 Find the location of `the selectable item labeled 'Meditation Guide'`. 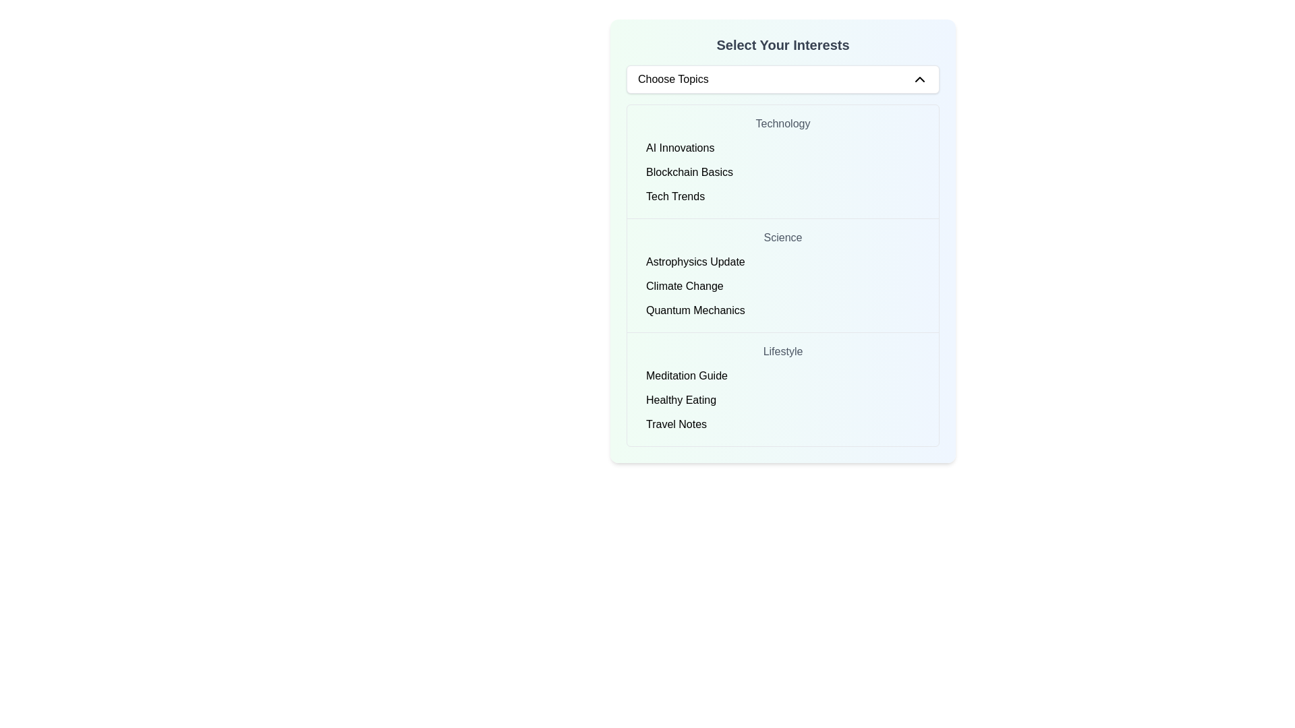

the selectable item labeled 'Meditation Guide' is located at coordinates (686, 376).